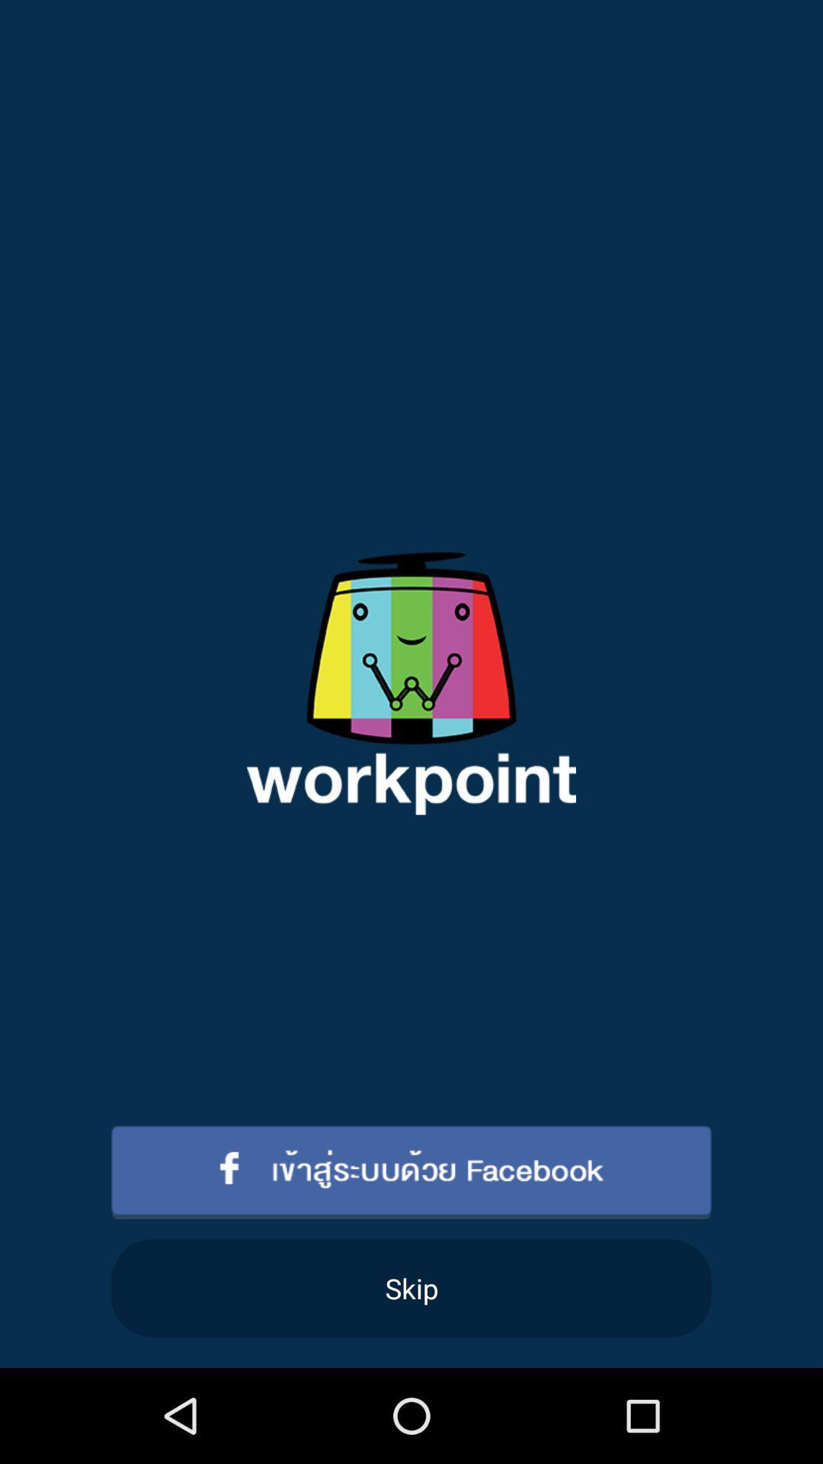 Image resolution: width=823 pixels, height=1464 pixels. Describe the element at coordinates (411, 1287) in the screenshot. I see `skip icon` at that location.